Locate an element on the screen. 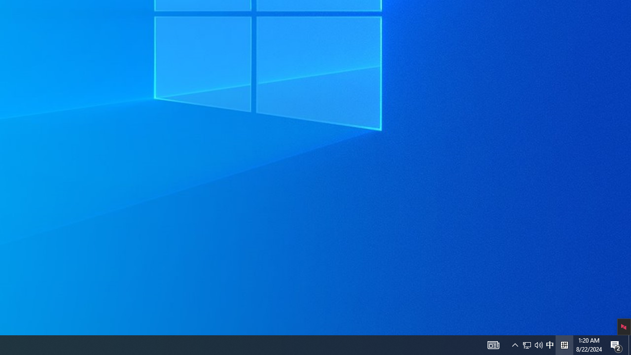  'Q2790: 100%' is located at coordinates (538, 344).